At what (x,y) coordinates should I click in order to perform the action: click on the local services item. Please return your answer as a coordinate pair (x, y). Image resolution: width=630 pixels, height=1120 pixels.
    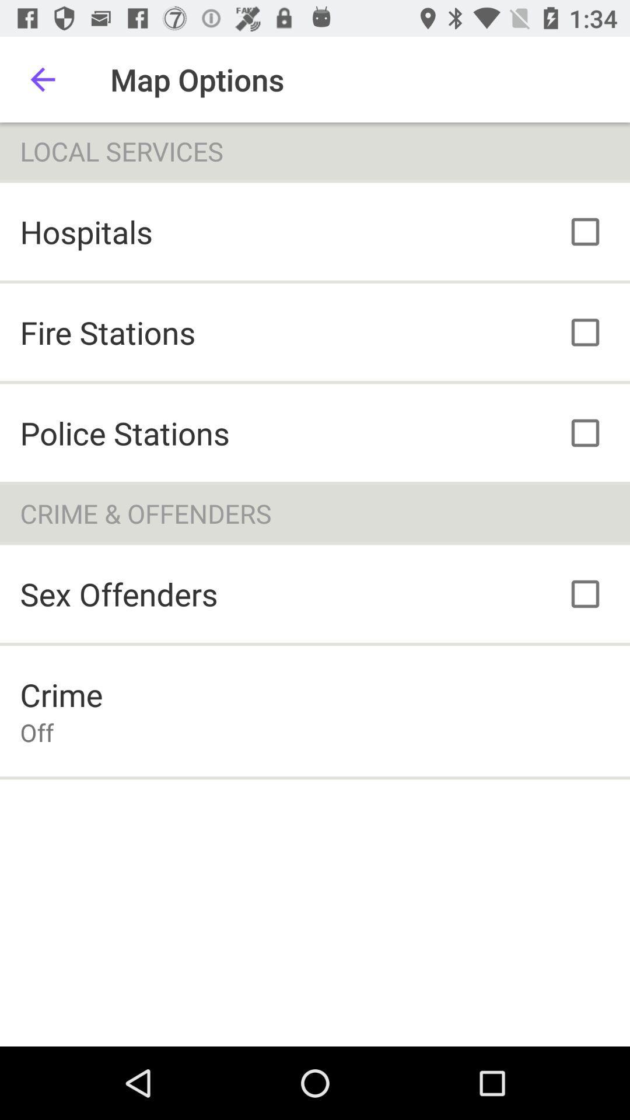
    Looking at the image, I should click on (315, 150).